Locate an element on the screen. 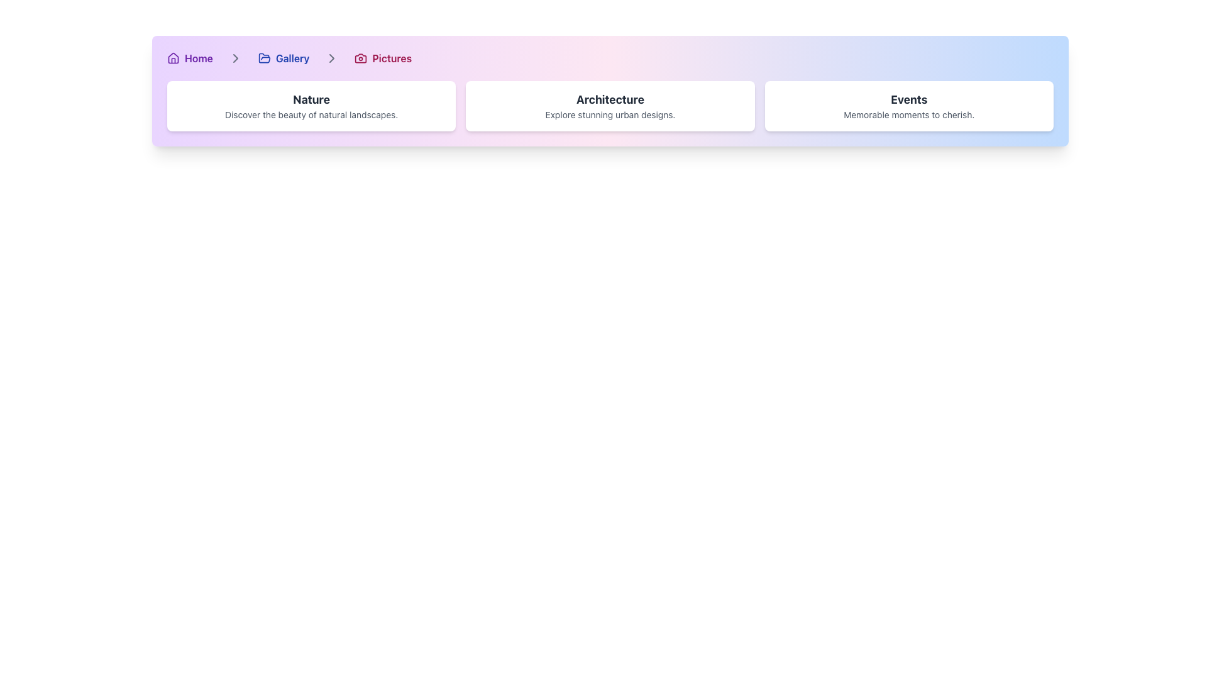  the static text element displaying the word 'Nature', which is styled in bold, large font, dark gray color on a white background, positioned at the top of the card component is located at coordinates (311, 99).